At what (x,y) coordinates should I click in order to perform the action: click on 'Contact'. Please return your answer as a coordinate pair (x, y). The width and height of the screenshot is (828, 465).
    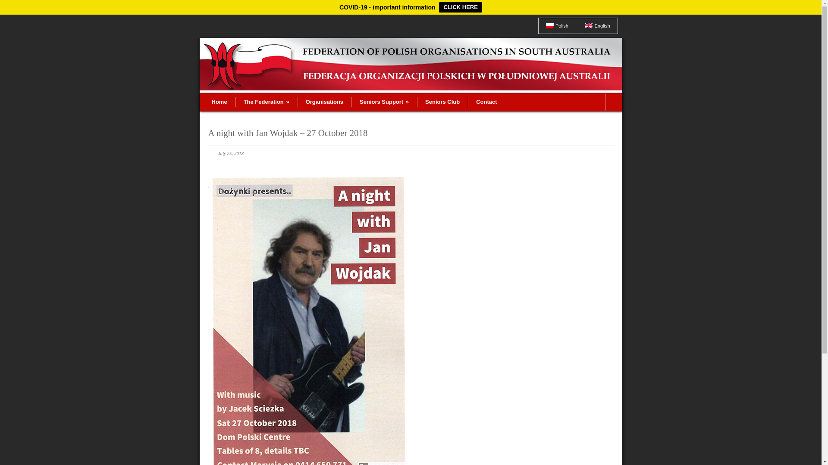
    Looking at the image, I should click on (486, 101).